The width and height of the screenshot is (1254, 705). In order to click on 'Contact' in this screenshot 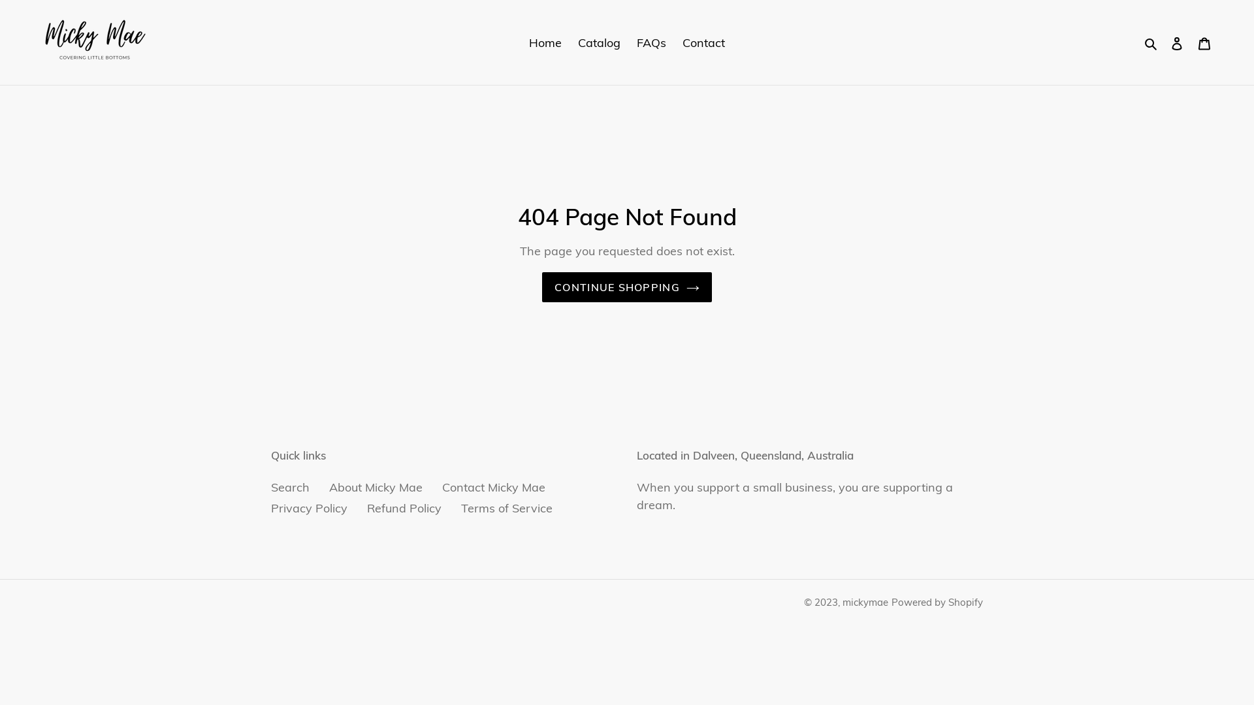, I will do `click(676, 41)`.